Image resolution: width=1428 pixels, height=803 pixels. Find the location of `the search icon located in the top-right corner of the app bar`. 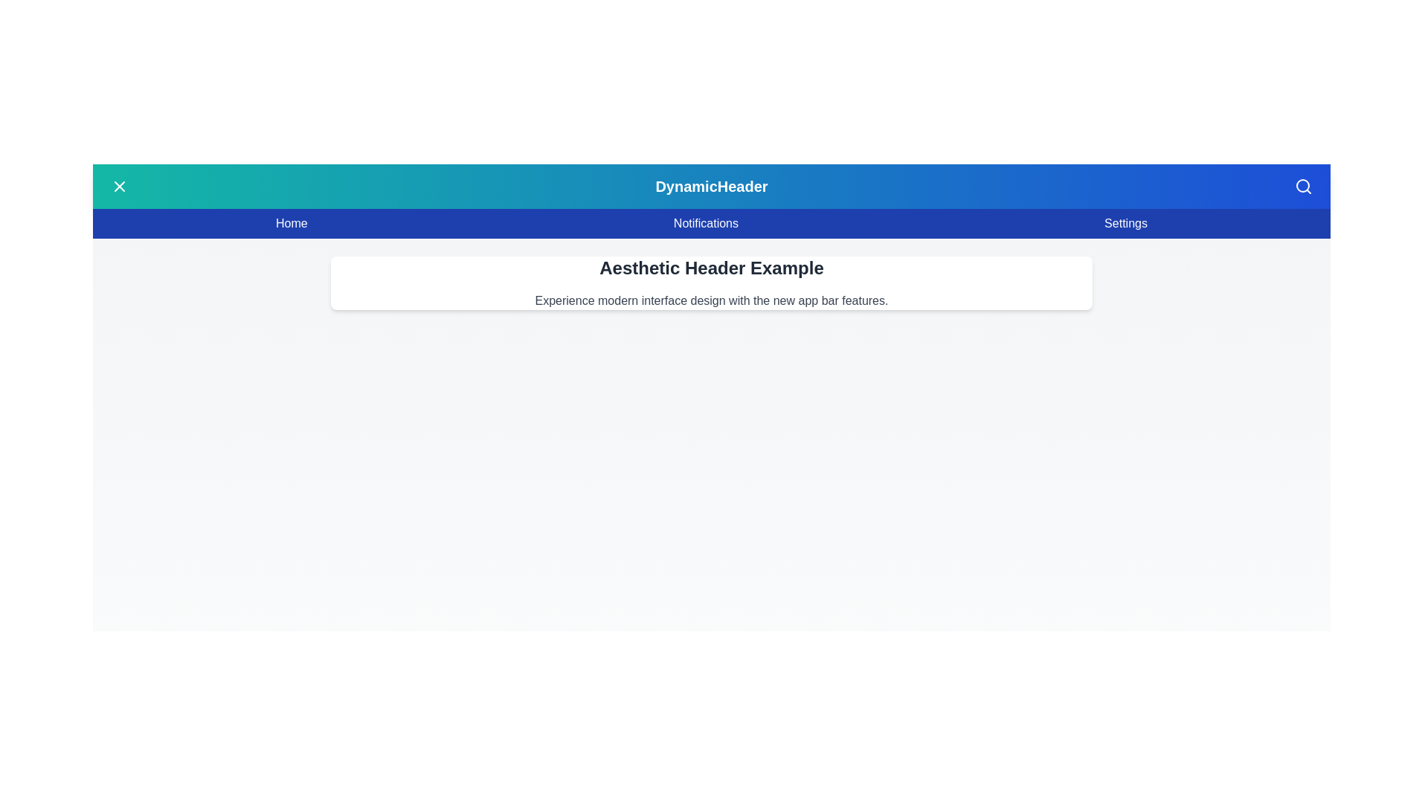

the search icon located in the top-right corner of the app bar is located at coordinates (1302, 185).